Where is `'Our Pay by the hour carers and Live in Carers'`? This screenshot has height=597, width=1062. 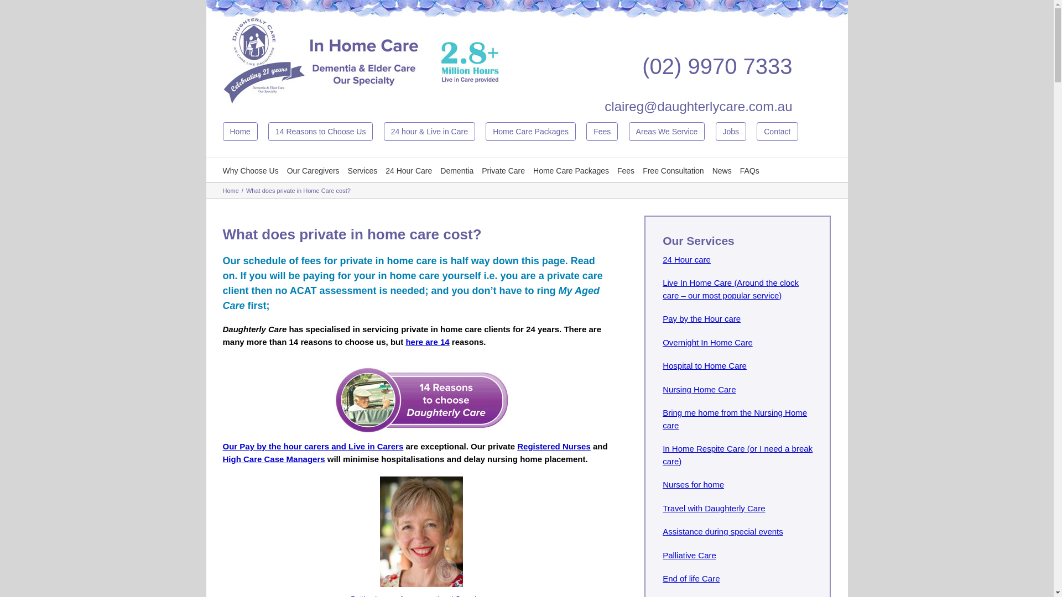
'Our Pay by the hour carers and Live in Carers' is located at coordinates (312, 446).